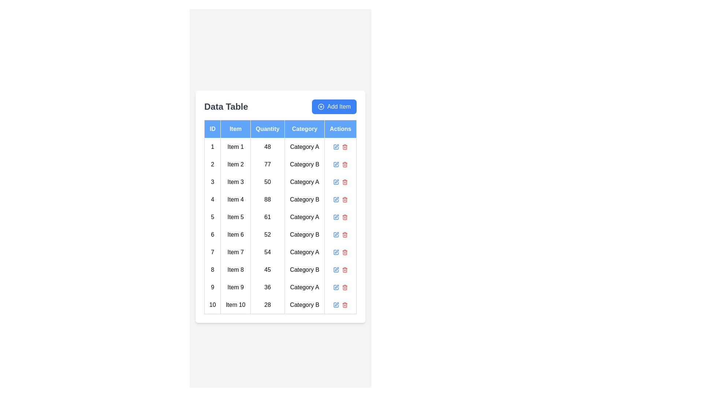  Describe the element at coordinates (212, 147) in the screenshot. I see `the text element representing the identifier of the first row in the 'Data Table' for interaction` at that location.